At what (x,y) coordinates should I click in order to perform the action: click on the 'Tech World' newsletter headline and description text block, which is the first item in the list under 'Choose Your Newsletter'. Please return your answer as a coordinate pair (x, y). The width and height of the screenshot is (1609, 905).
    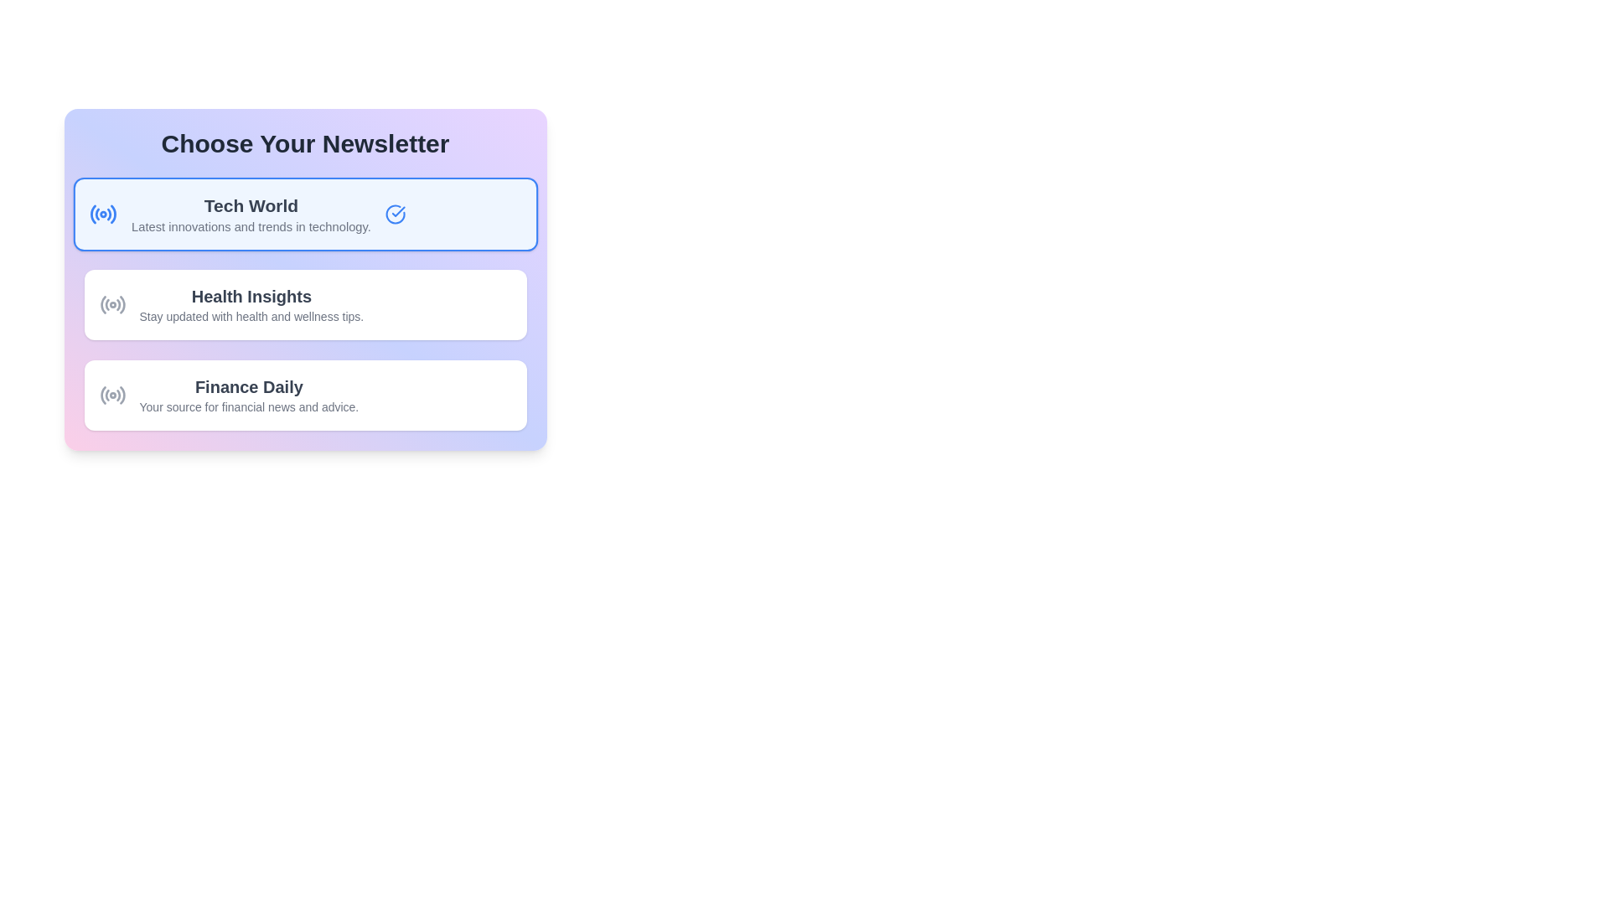
    Looking at the image, I should click on (250, 213).